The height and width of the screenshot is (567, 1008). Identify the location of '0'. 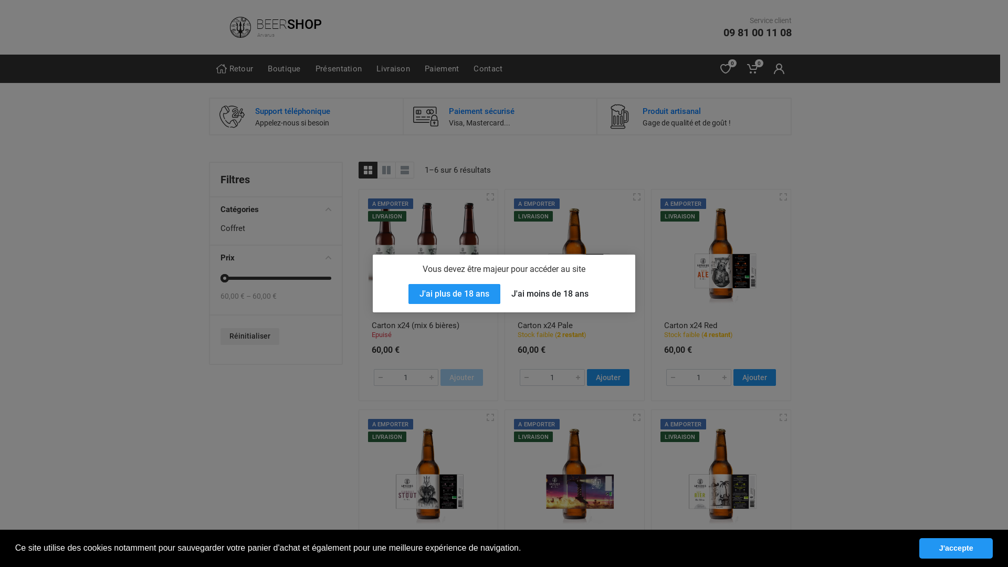
(752, 69).